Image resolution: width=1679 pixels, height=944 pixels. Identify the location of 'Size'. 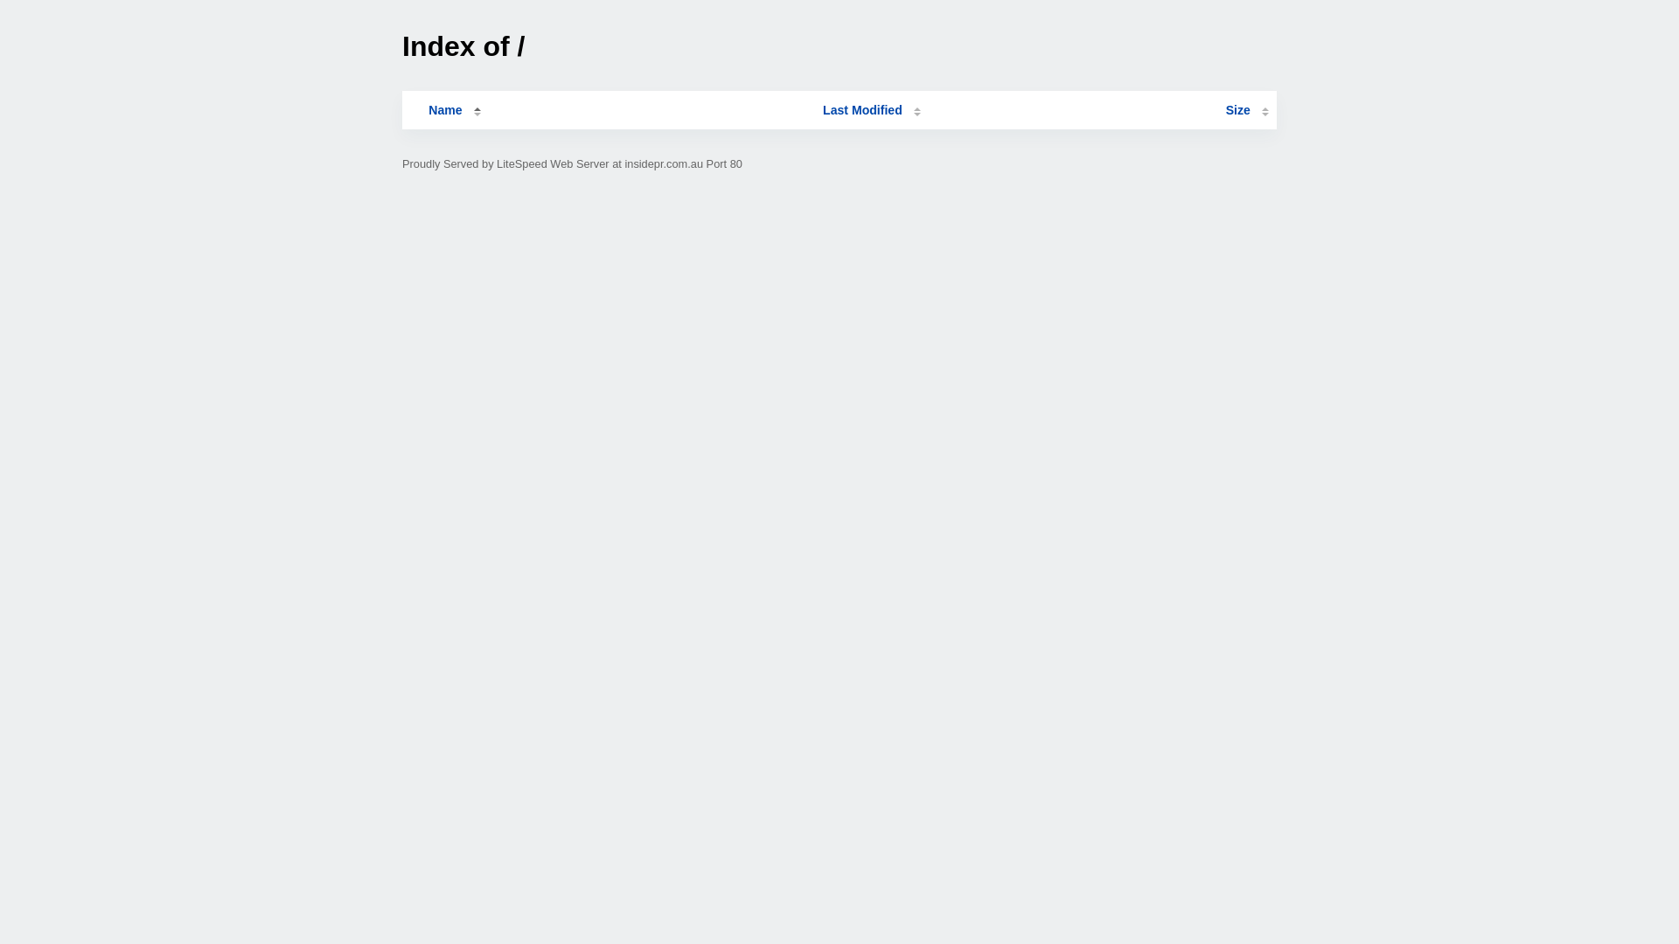
(1246, 110).